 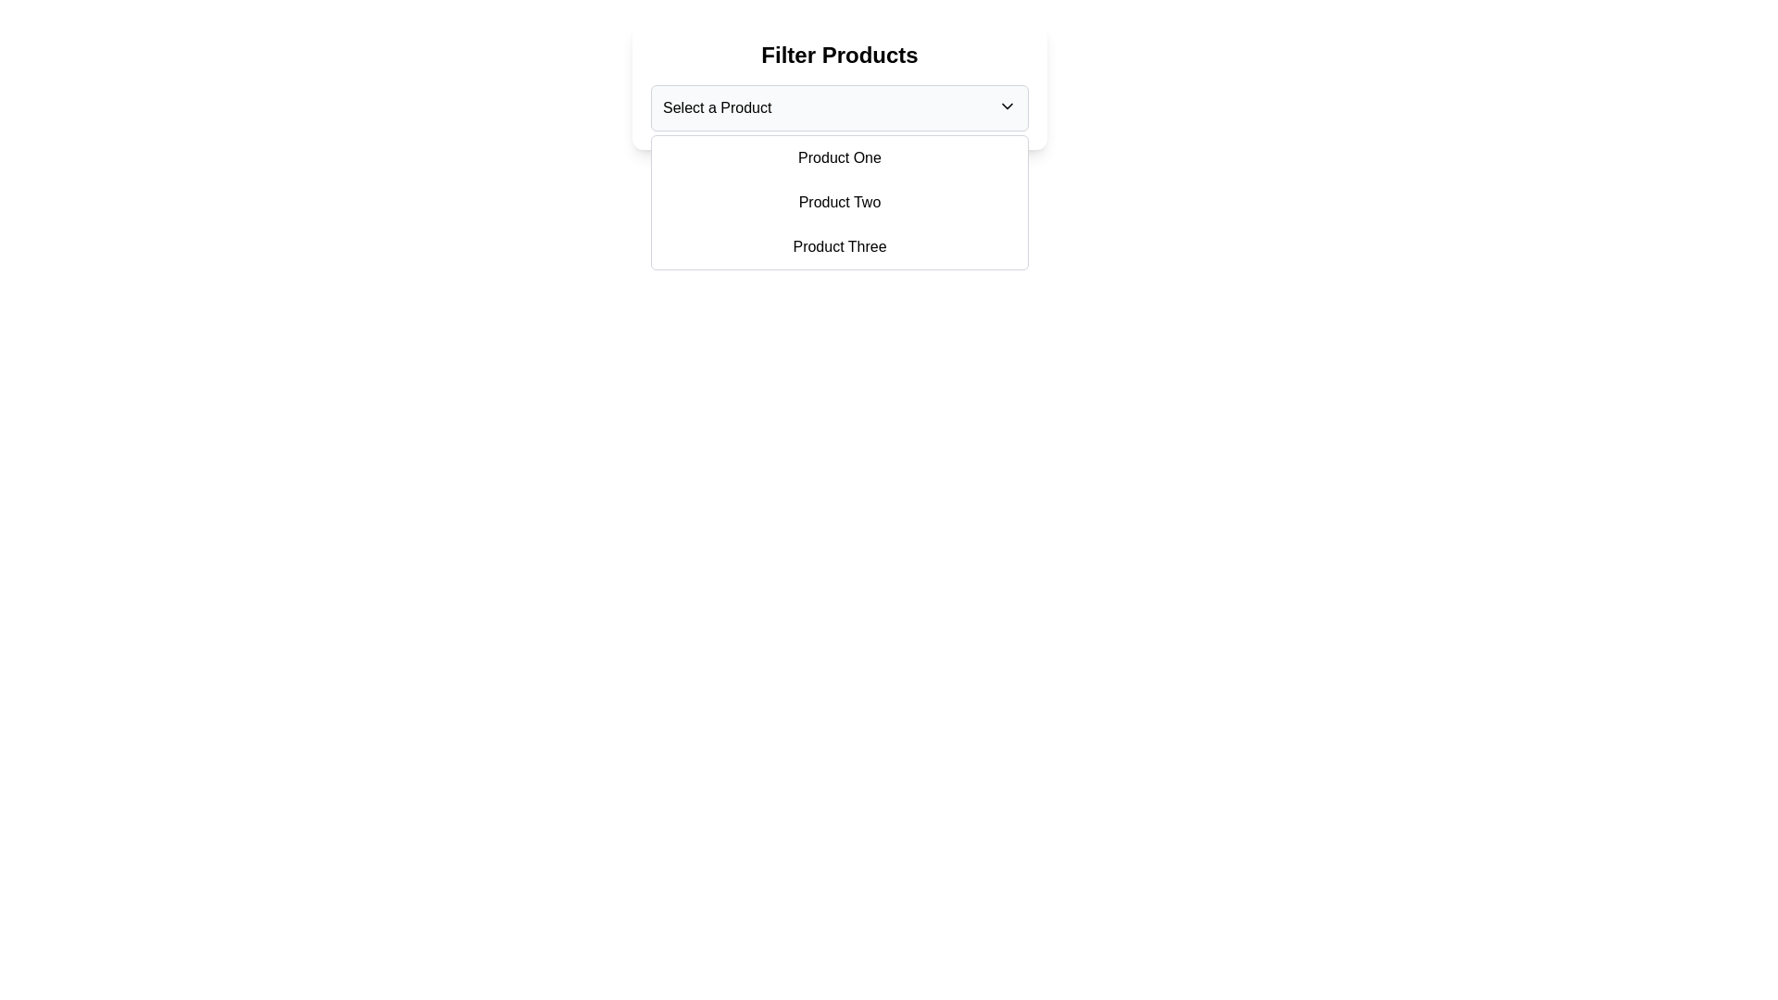 What do you see at coordinates (839, 203) in the screenshot?
I see `the dropdown list option labeled 'Product Two'` at bounding box center [839, 203].